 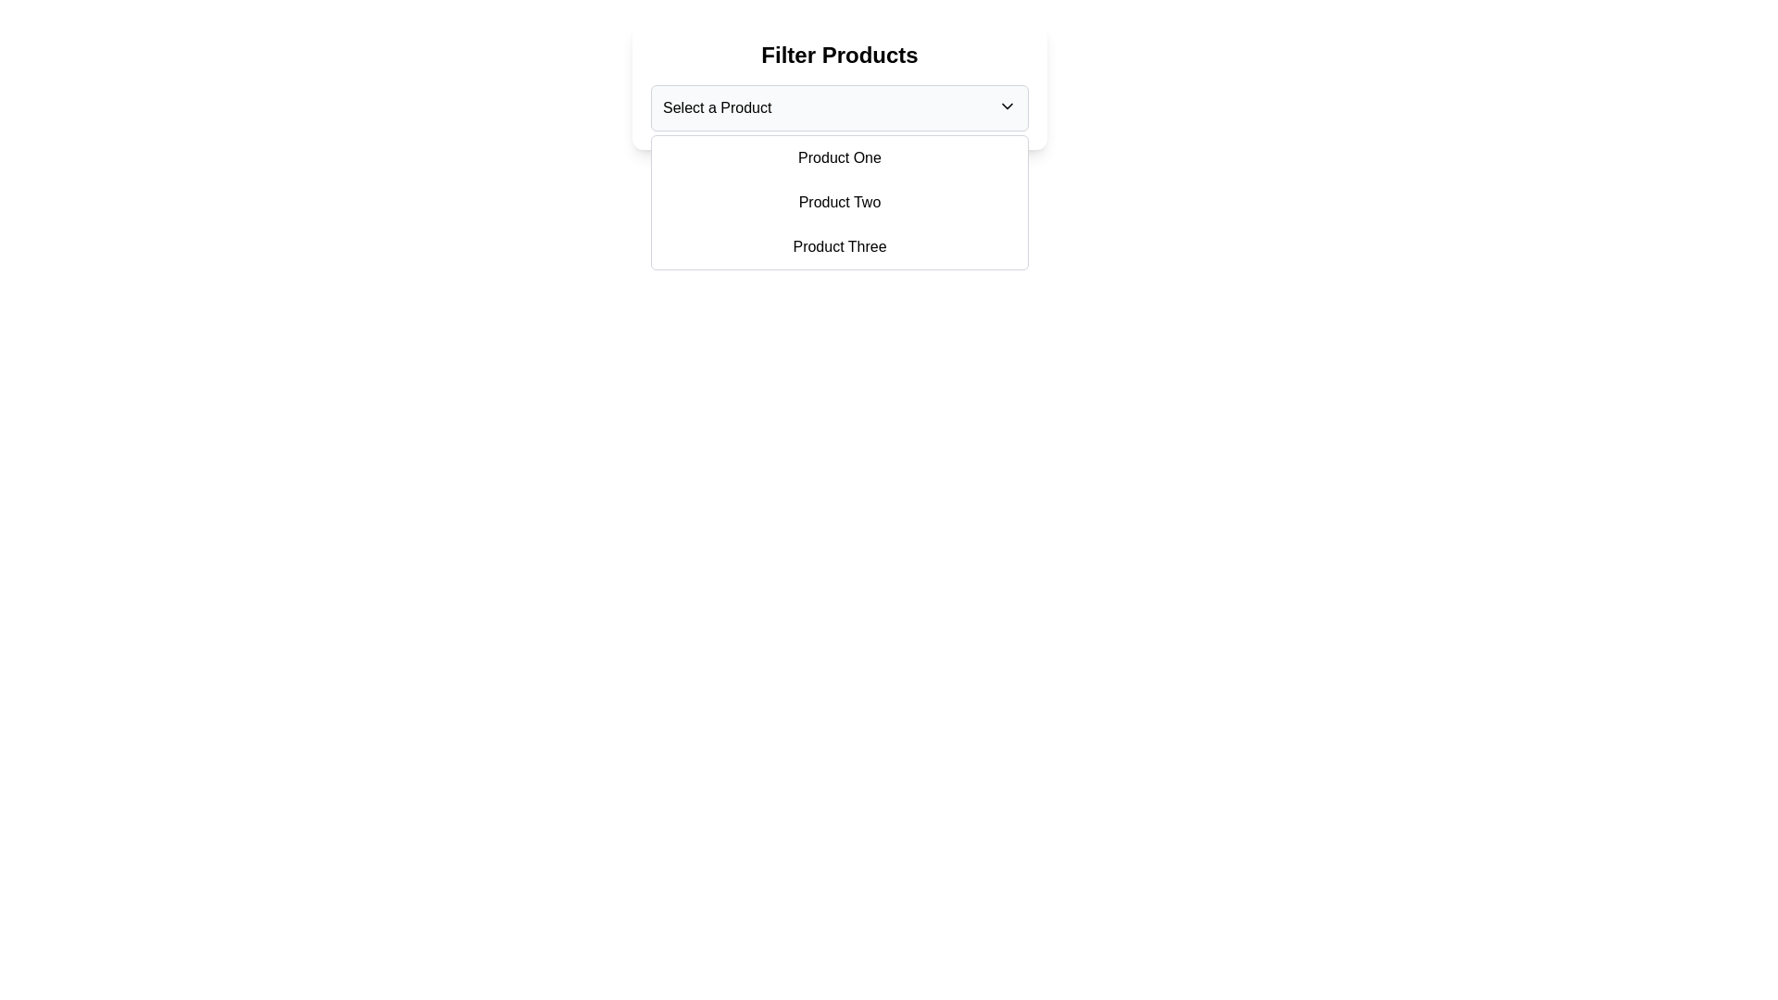 What do you see at coordinates (839, 203) in the screenshot?
I see `the dropdown list option labeled 'Product Two'` at bounding box center [839, 203].